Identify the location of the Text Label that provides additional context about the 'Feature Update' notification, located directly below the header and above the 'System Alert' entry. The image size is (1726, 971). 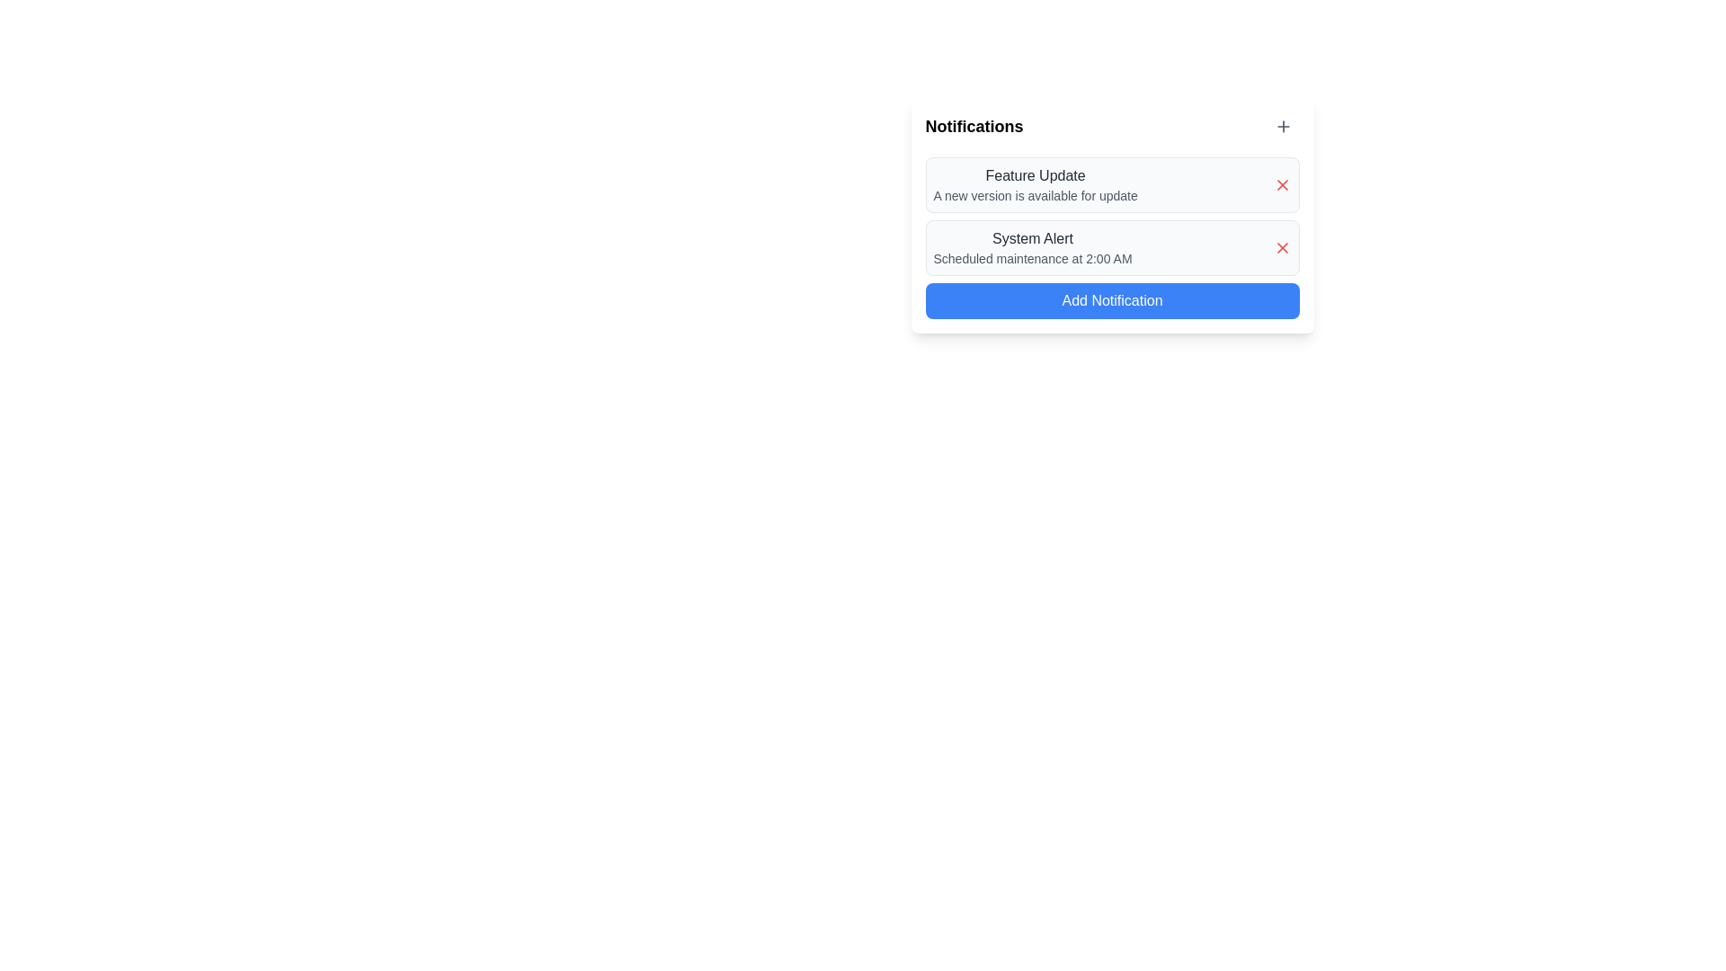
(1036, 196).